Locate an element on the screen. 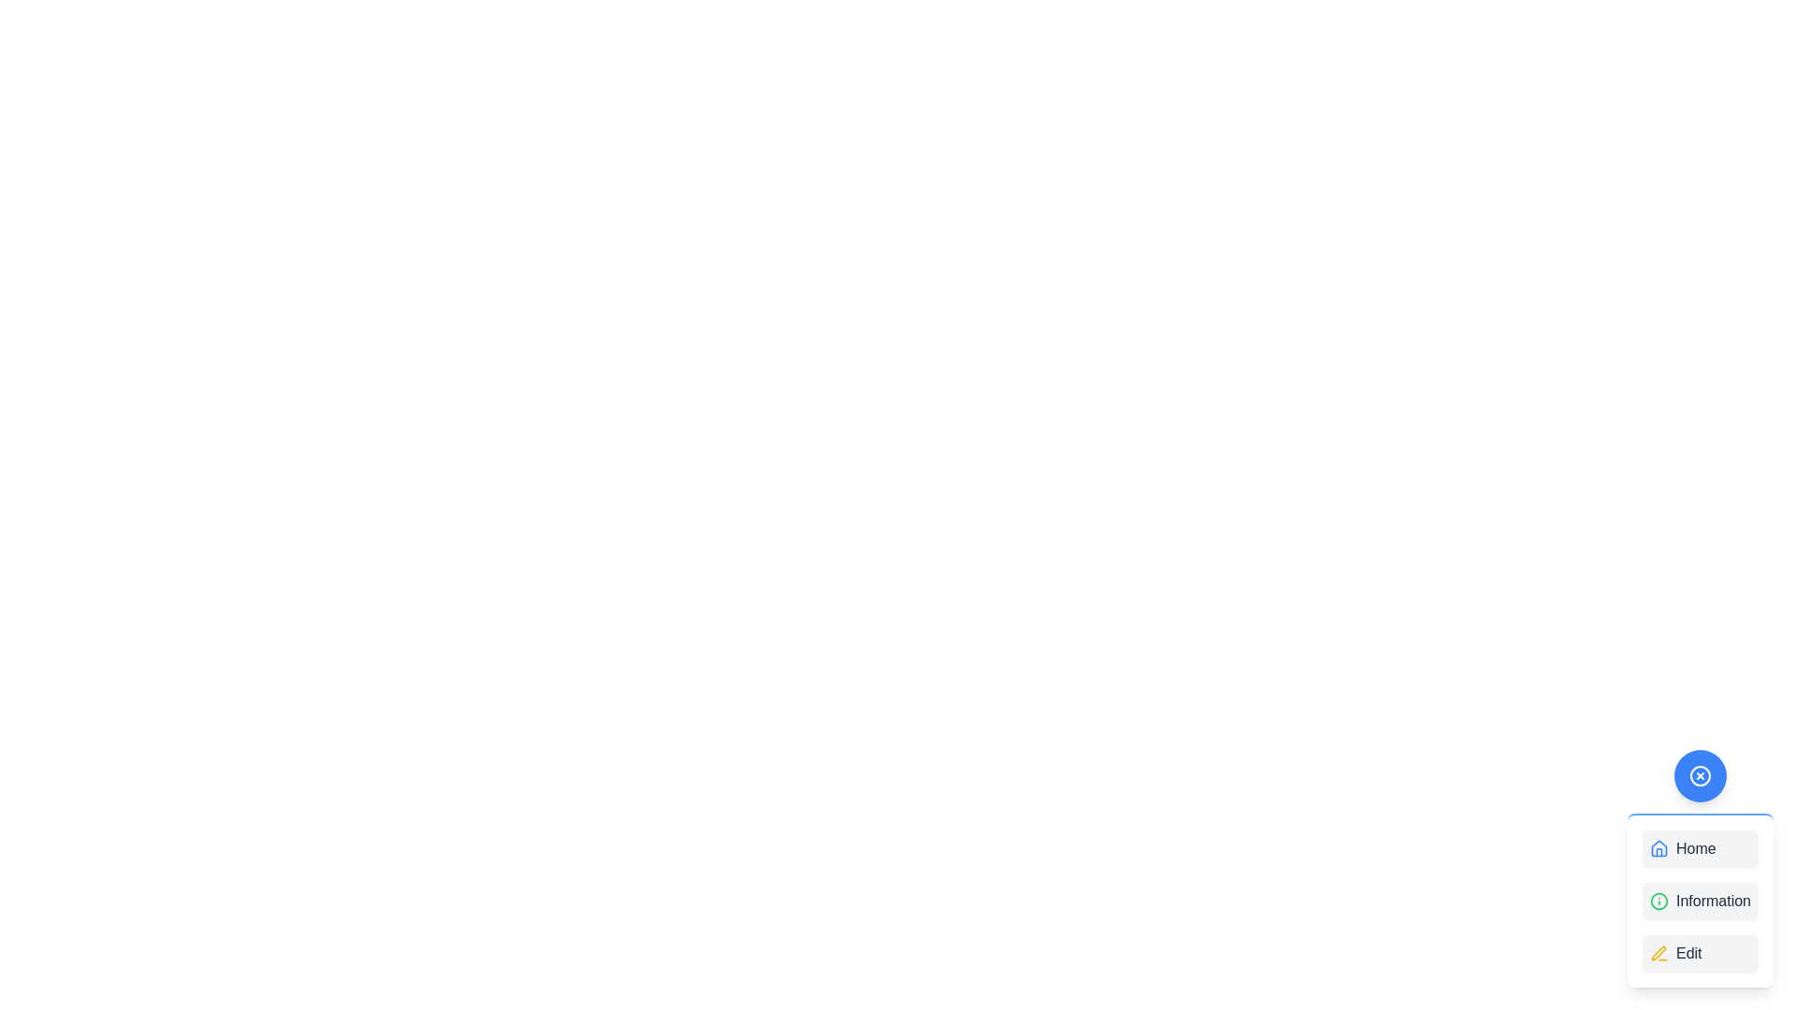 The width and height of the screenshot is (1796, 1010). the house icon with a blue outline and white fill, indicating 'Home' functionality is located at coordinates (1658, 848).